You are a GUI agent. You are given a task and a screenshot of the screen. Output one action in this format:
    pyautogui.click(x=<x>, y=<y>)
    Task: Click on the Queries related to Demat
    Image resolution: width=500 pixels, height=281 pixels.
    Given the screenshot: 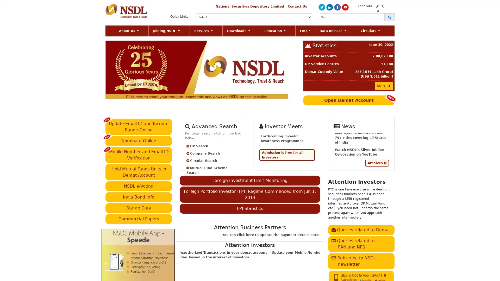 What is the action you would take?
    pyautogui.click(x=361, y=229)
    